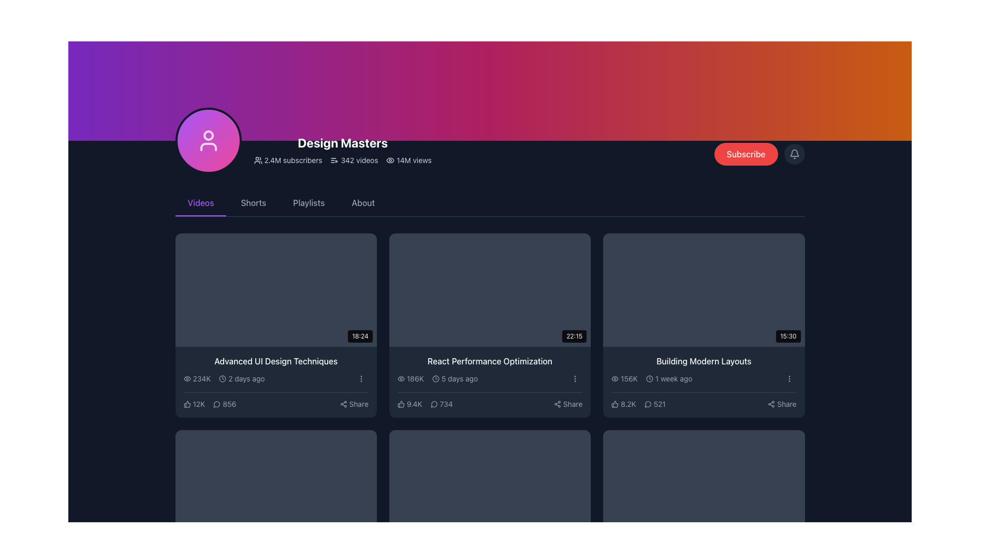 The image size is (994, 559). Describe the element at coordinates (435, 379) in the screenshot. I see `the small clock icon located to the left of the text '5 days ago' within the 'React Performance Optimization' card` at that location.